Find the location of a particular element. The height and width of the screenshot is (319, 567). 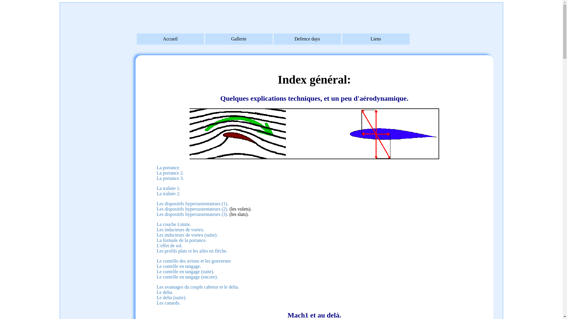

'La couche Limite.' is located at coordinates (173, 224).